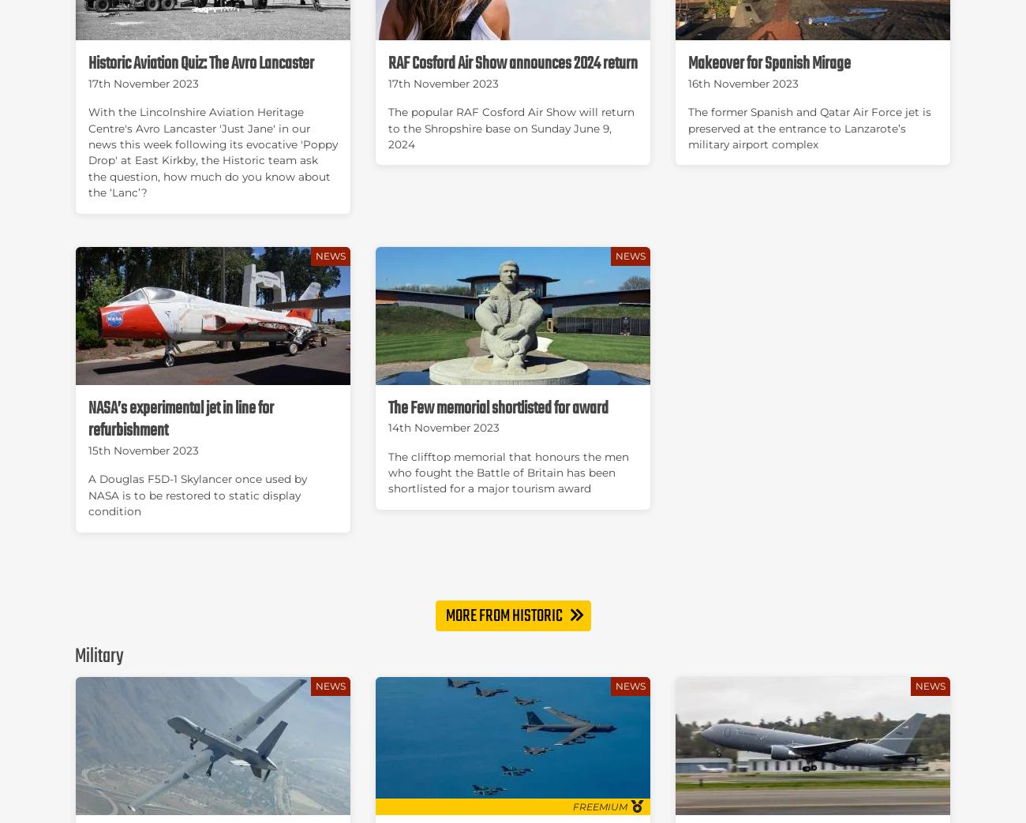 The image size is (1026, 823). Describe the element at coordinates (511, 126) in the screenshot. I see `'The popular RAF Cosford Air Show will return to the Shropshire base on Sunday June 9, 2024'` at that location.